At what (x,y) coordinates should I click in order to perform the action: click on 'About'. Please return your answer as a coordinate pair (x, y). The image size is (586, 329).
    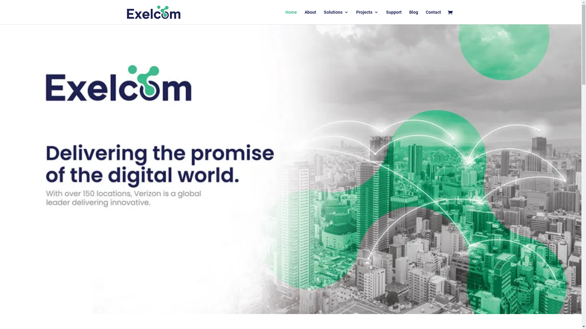
    Looking at the image, I should click on (310, 17).